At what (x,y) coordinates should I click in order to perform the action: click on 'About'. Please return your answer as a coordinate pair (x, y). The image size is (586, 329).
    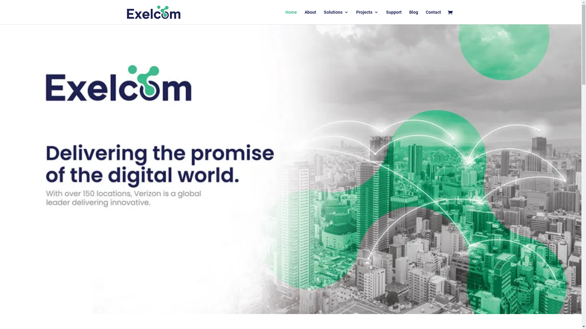
    Looking at the image, I should click on (310, 17).